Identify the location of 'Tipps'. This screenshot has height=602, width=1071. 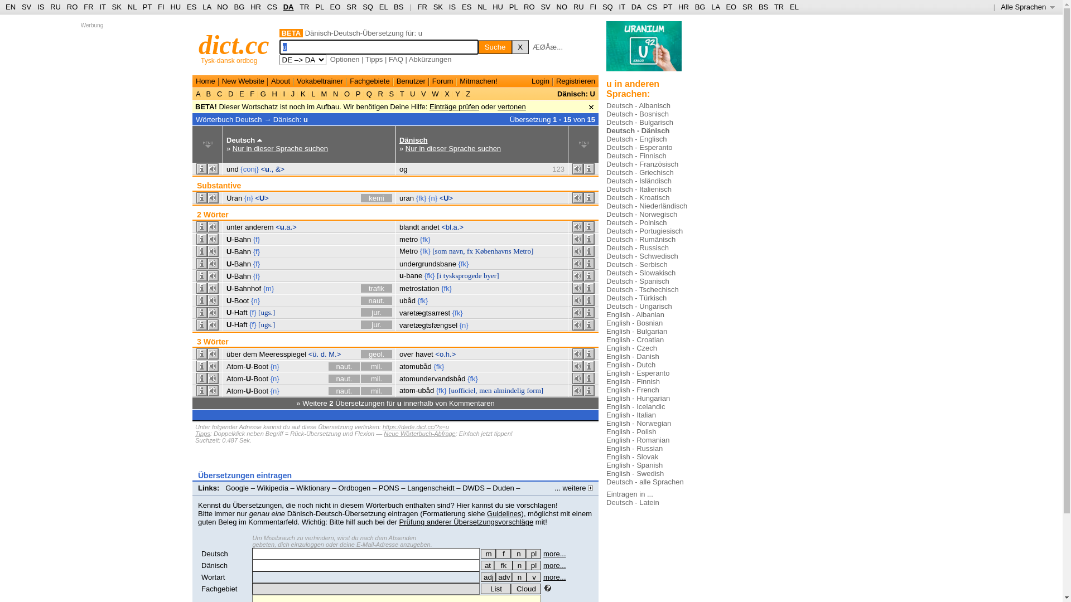
(202, 433).